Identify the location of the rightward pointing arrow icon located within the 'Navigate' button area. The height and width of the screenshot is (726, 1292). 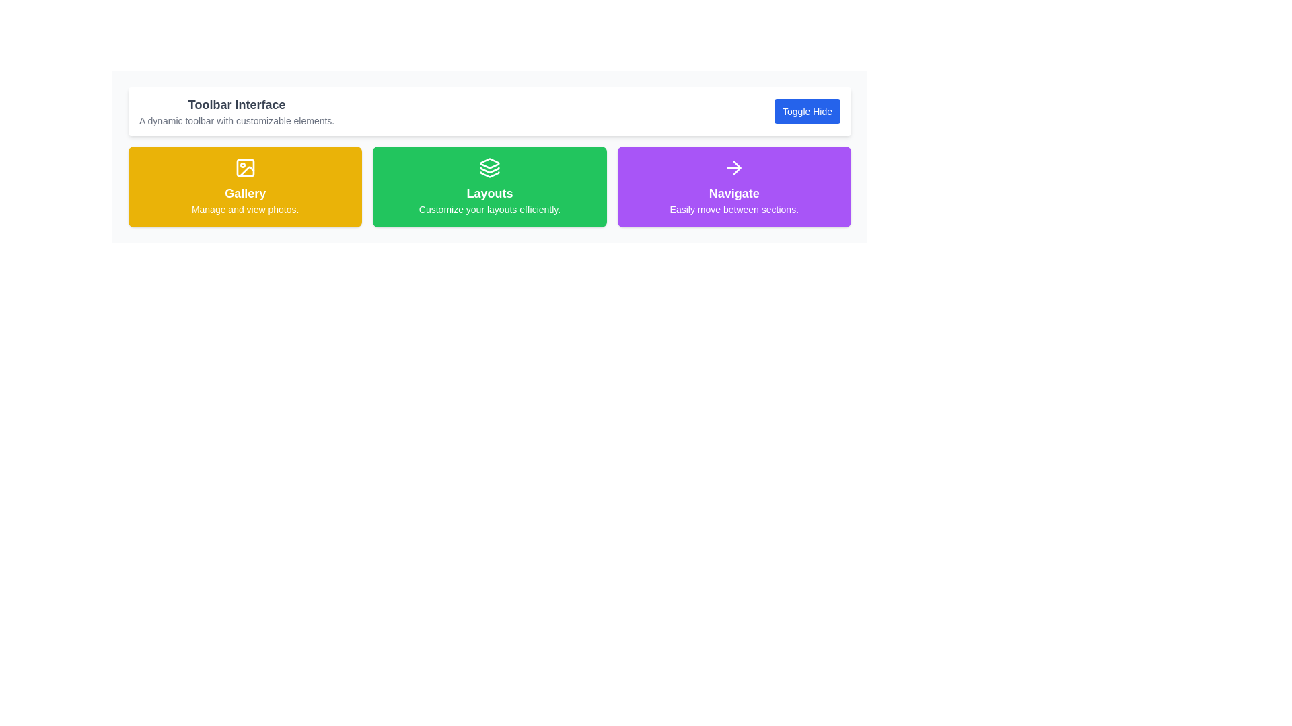
(736, 167).